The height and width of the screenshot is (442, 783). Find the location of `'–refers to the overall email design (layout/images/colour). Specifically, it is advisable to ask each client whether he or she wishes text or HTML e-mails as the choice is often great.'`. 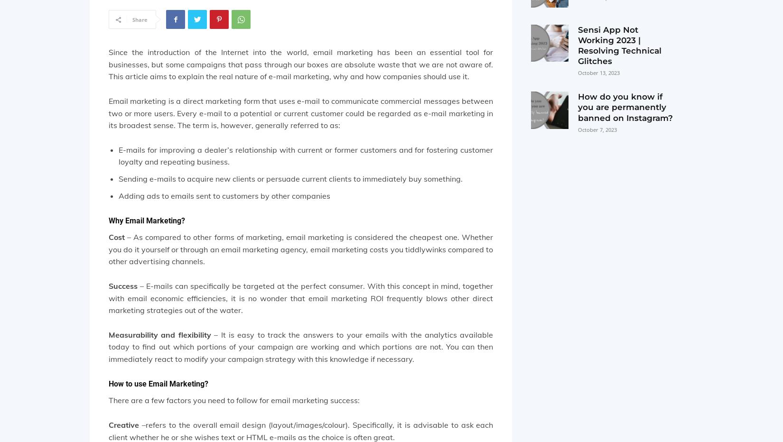

'–refers to the overall email design (layout/images/colour). Specifically, it is advisable to ask each client whether he or she wishes text or HTML e-mails as the choice is often great.' is located at coordinates (109, 431).